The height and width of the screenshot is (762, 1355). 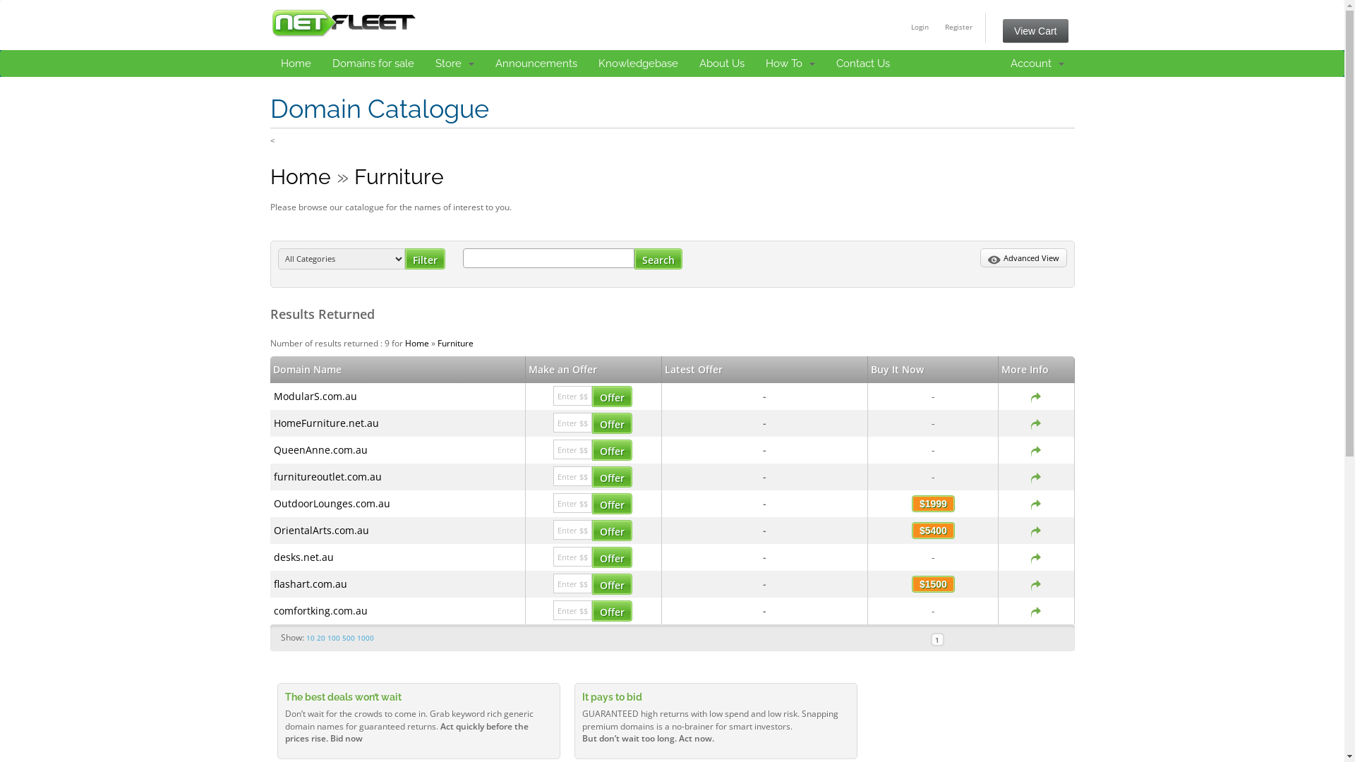 I want to click on 'Home', so click(x=416, y=343).